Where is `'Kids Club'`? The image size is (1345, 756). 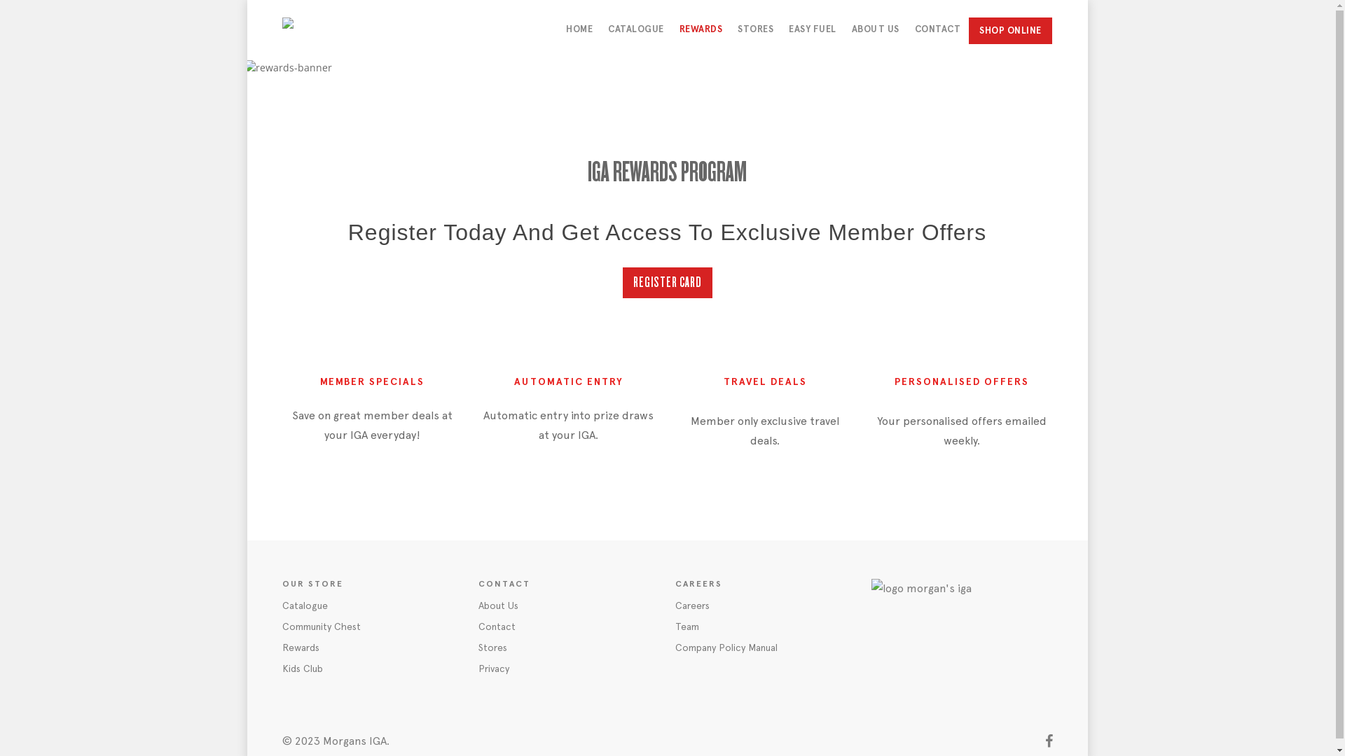 'Kids Club' is located at coordinates (281, 668).